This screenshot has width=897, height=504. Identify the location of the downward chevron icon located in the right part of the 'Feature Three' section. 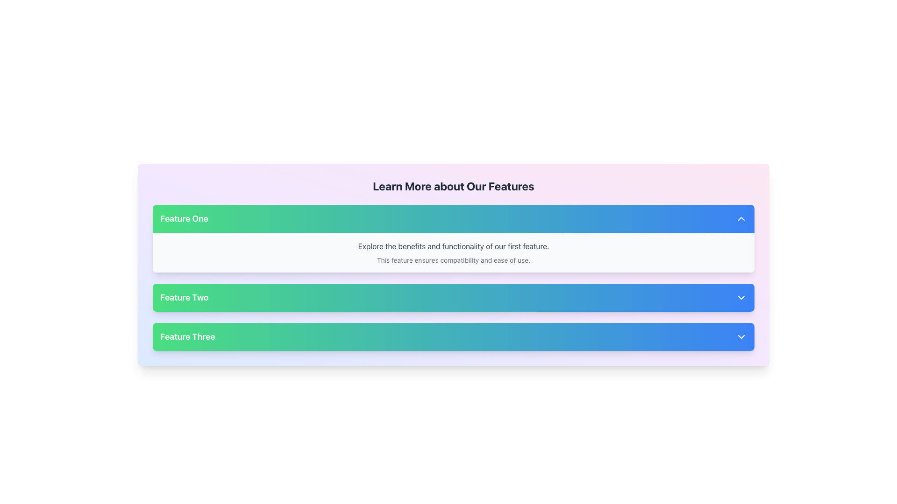
(741, 336).